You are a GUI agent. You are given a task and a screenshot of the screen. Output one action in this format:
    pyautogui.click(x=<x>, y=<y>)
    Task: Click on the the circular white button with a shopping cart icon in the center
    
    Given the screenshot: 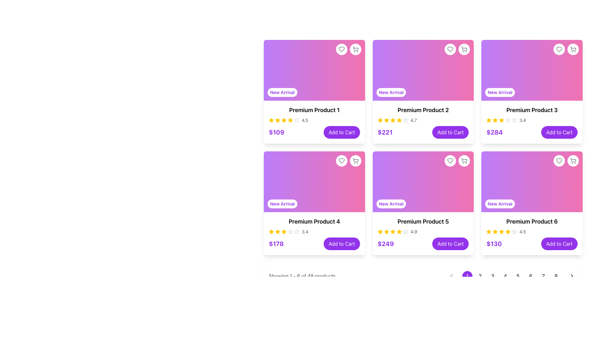 What is the action you would take?
    pyautogui.click(x=355, y=161)
    